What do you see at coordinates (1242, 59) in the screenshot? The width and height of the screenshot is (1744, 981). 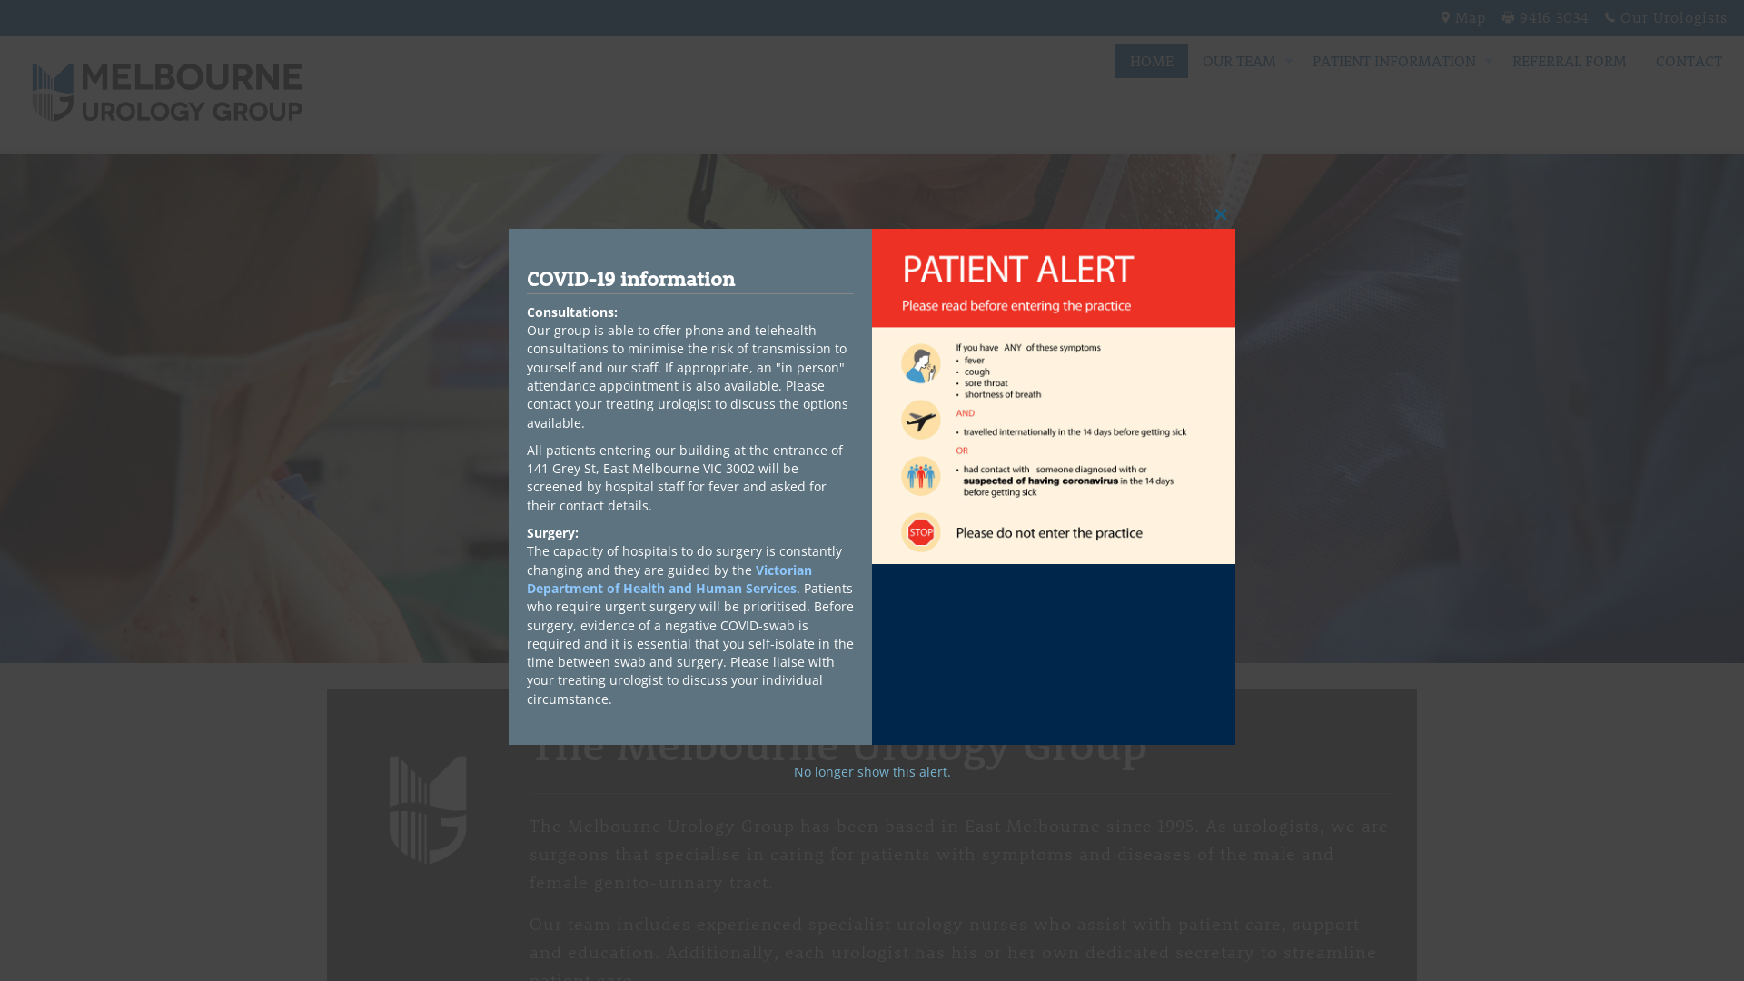 I see `'OUR TEAM'` at bounding box center [1242, 59].